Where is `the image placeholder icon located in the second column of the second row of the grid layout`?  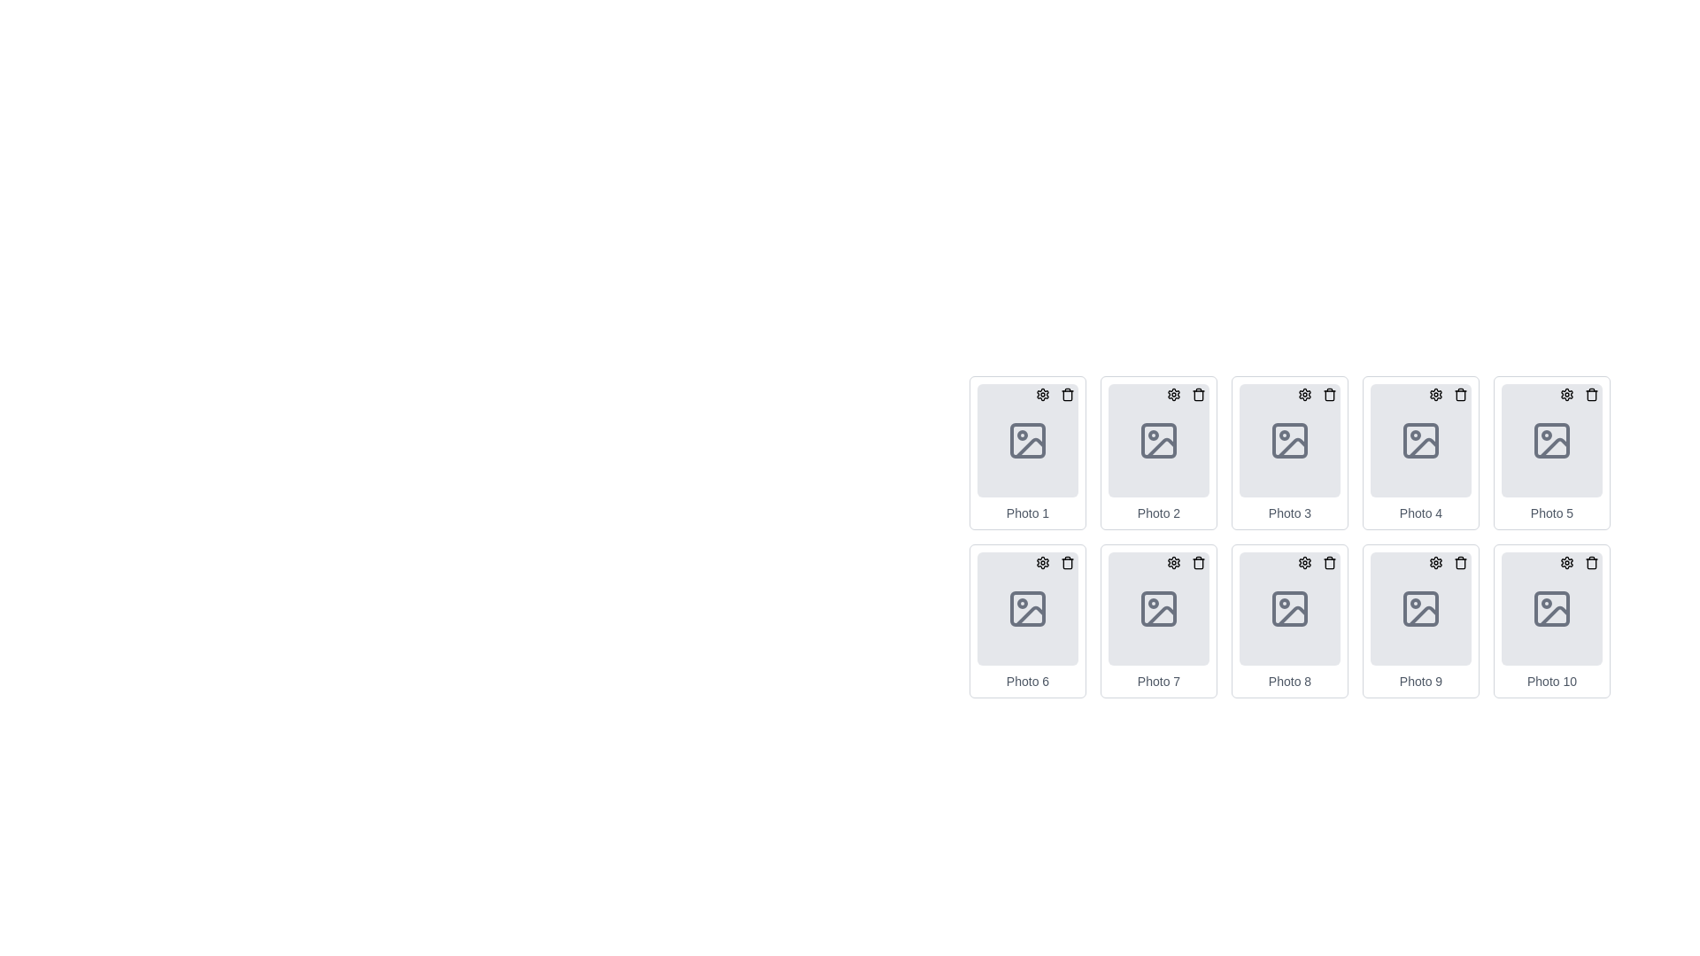 the image placeholder icon located in the second column of the second row of the grid layout is located at coordinates (1028, 607).